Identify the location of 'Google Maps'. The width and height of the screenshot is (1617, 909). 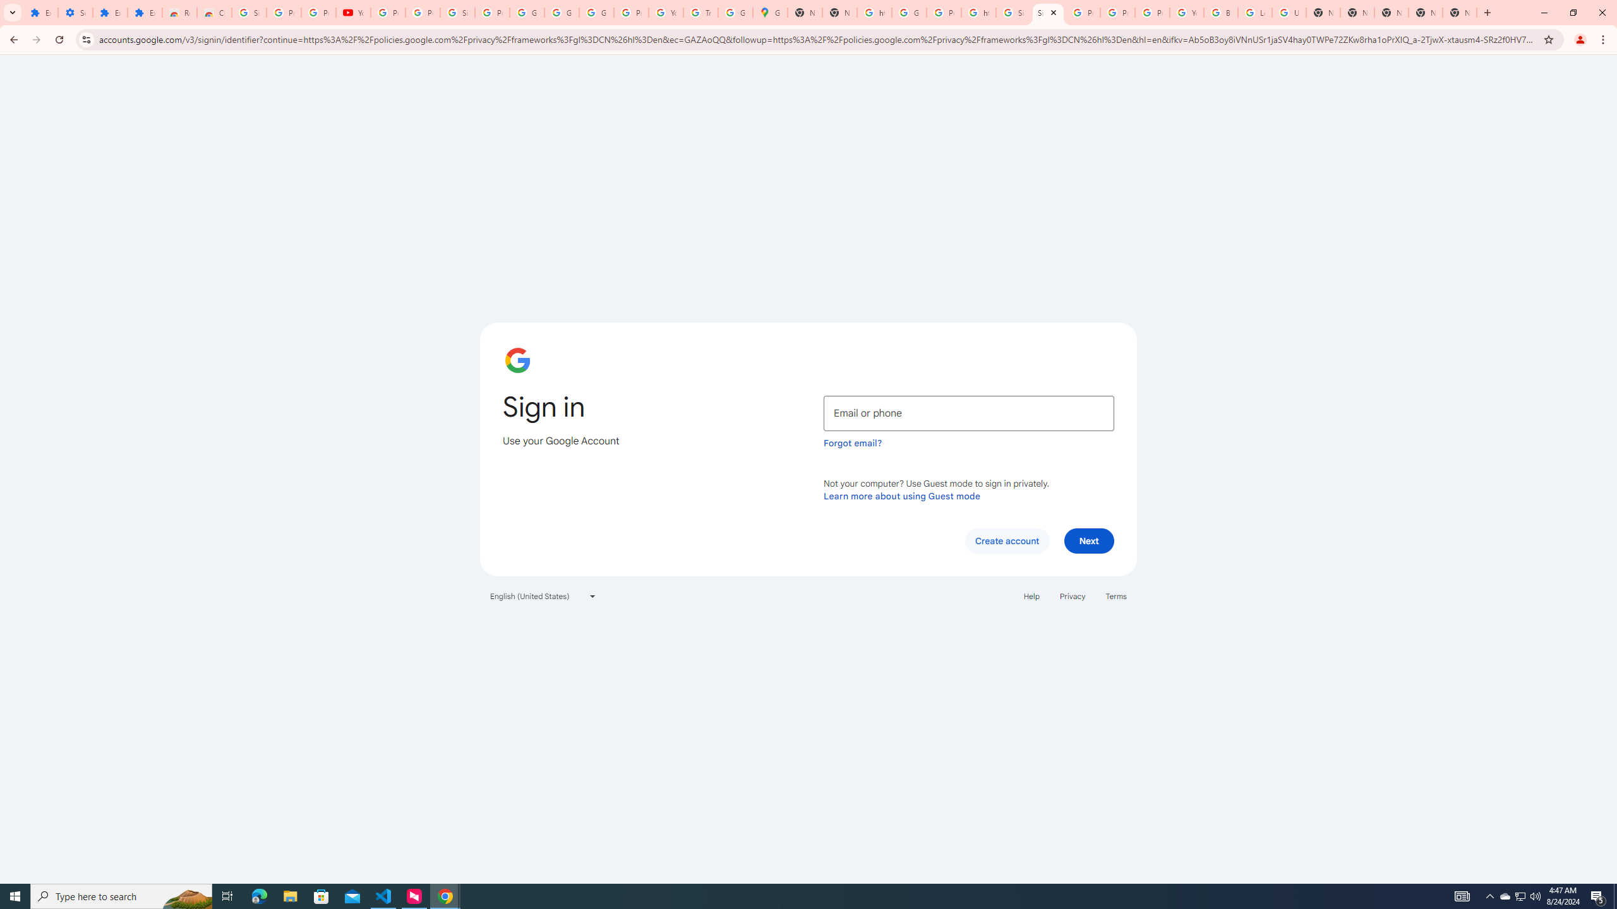
(769, 12).